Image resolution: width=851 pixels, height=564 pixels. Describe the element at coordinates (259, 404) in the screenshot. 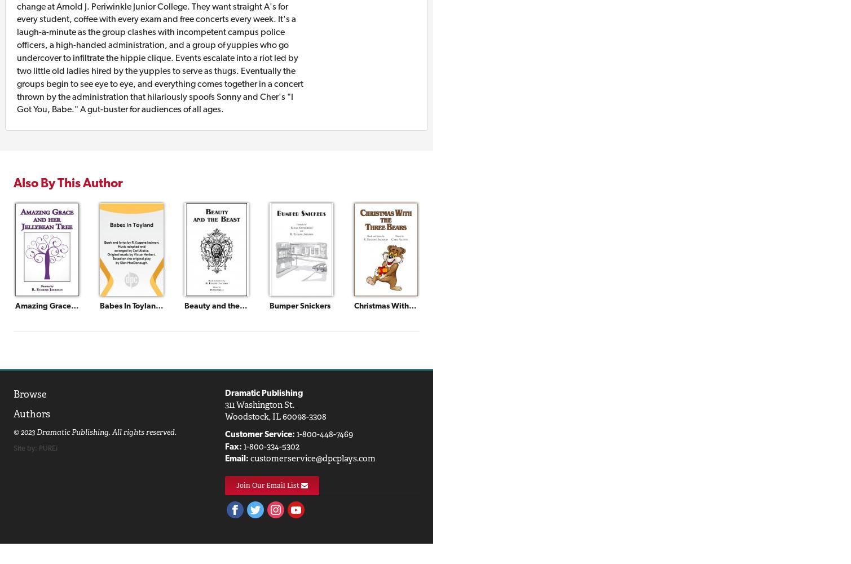

I see `'311 Washington St.'` at that location.